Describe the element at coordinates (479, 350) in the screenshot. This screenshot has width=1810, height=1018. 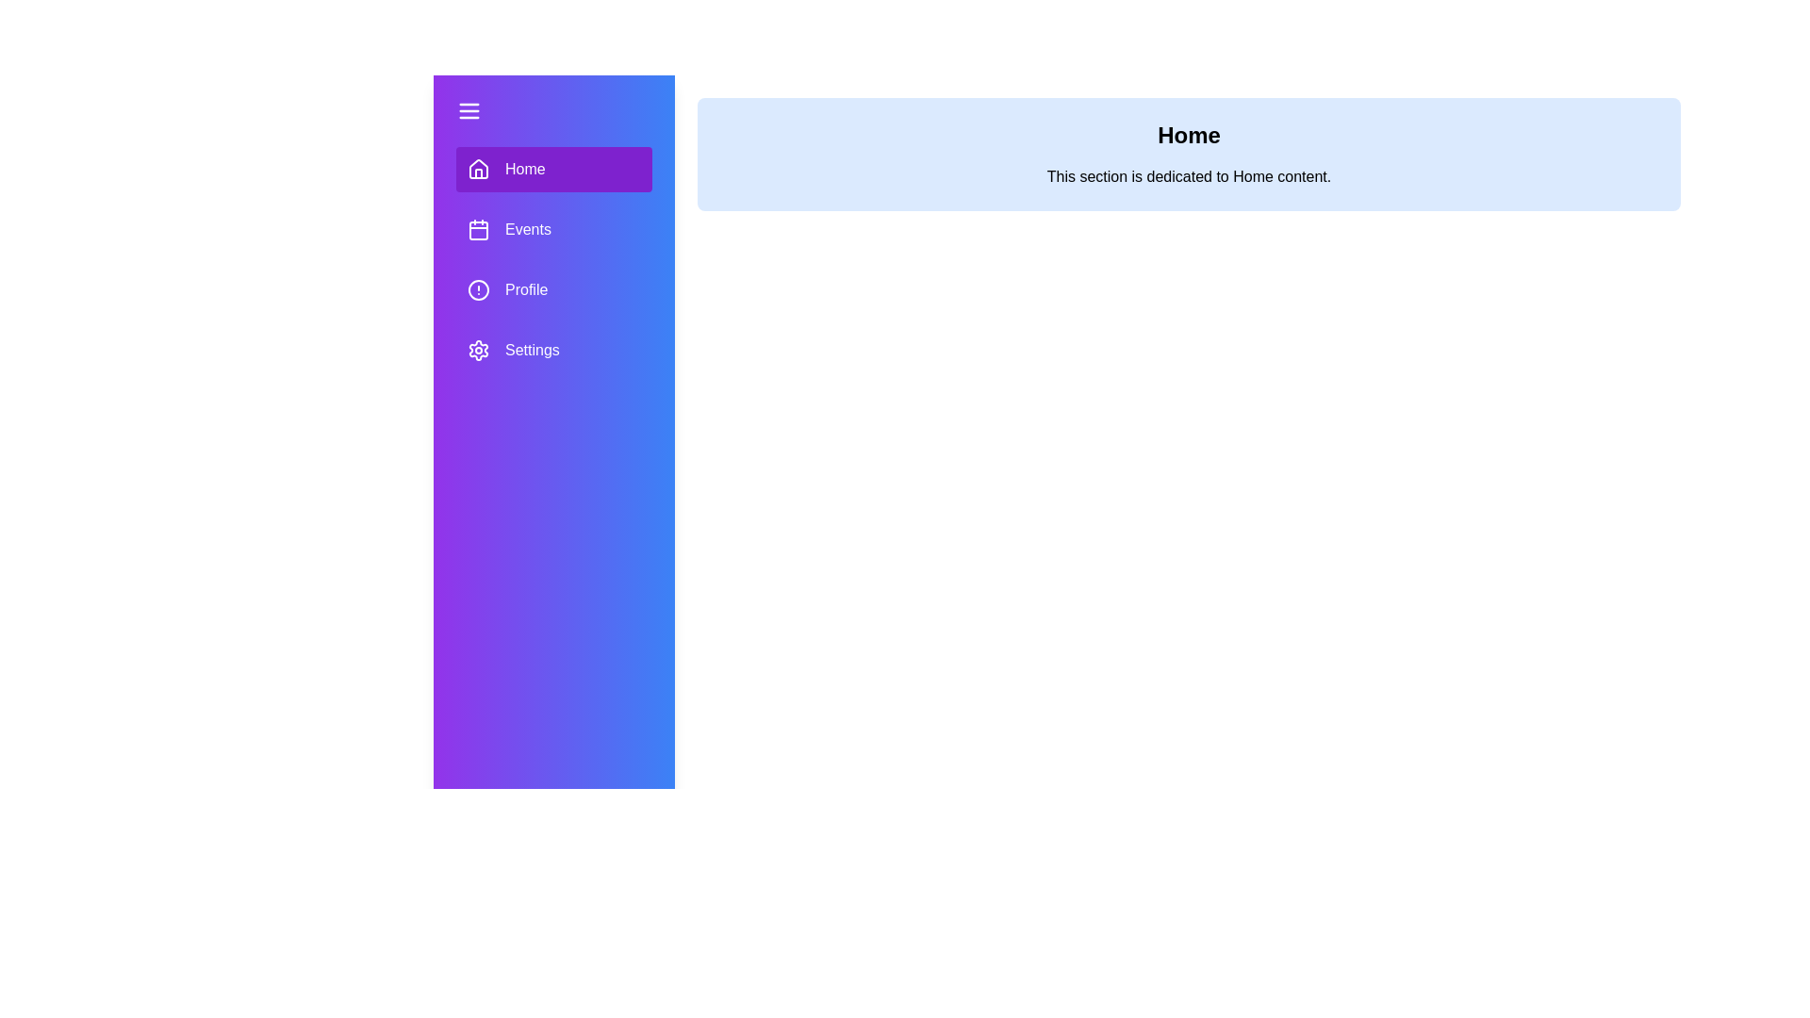
I see `the settings icon located in the sidebar navigation panel, which is the fourth icon in a vertical stack` at that location.